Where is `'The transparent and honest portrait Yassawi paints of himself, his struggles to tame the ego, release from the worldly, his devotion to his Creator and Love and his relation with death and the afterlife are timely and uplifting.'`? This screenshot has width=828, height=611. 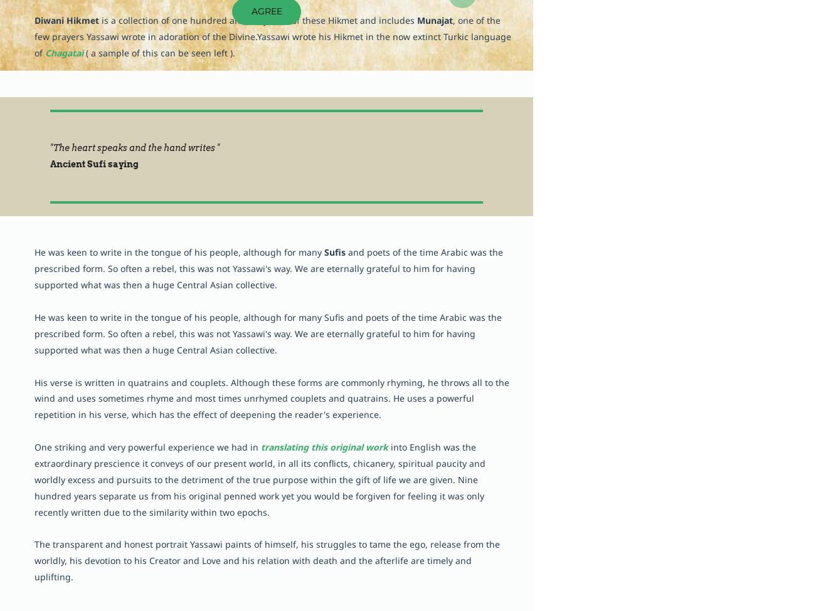 'The transparent and honest portrait Yassawi paints of himself, his struggles to tame the ego, release from the worldly, his devotion to his Creator and Love and his relation with death and the afterlife are timely and uplifting.' is located at coordinates (266, 560).